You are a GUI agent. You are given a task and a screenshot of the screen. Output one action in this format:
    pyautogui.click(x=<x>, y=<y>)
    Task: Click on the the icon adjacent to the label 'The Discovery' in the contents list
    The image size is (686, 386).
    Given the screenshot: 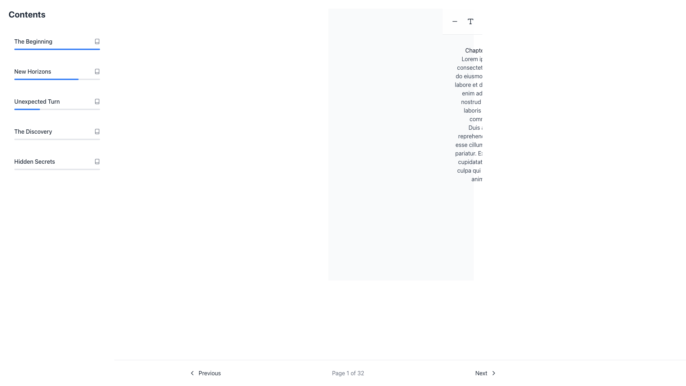 What is the action you would take?
    pyautogui.click(x=97, y=131)
    